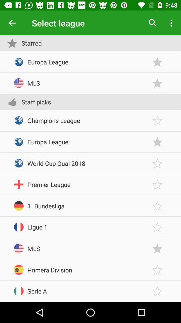 This screenshot has height=323, width=181. Describe the element at coordinates (157, 248) in the screenshot. I see `to favorites` at that location.